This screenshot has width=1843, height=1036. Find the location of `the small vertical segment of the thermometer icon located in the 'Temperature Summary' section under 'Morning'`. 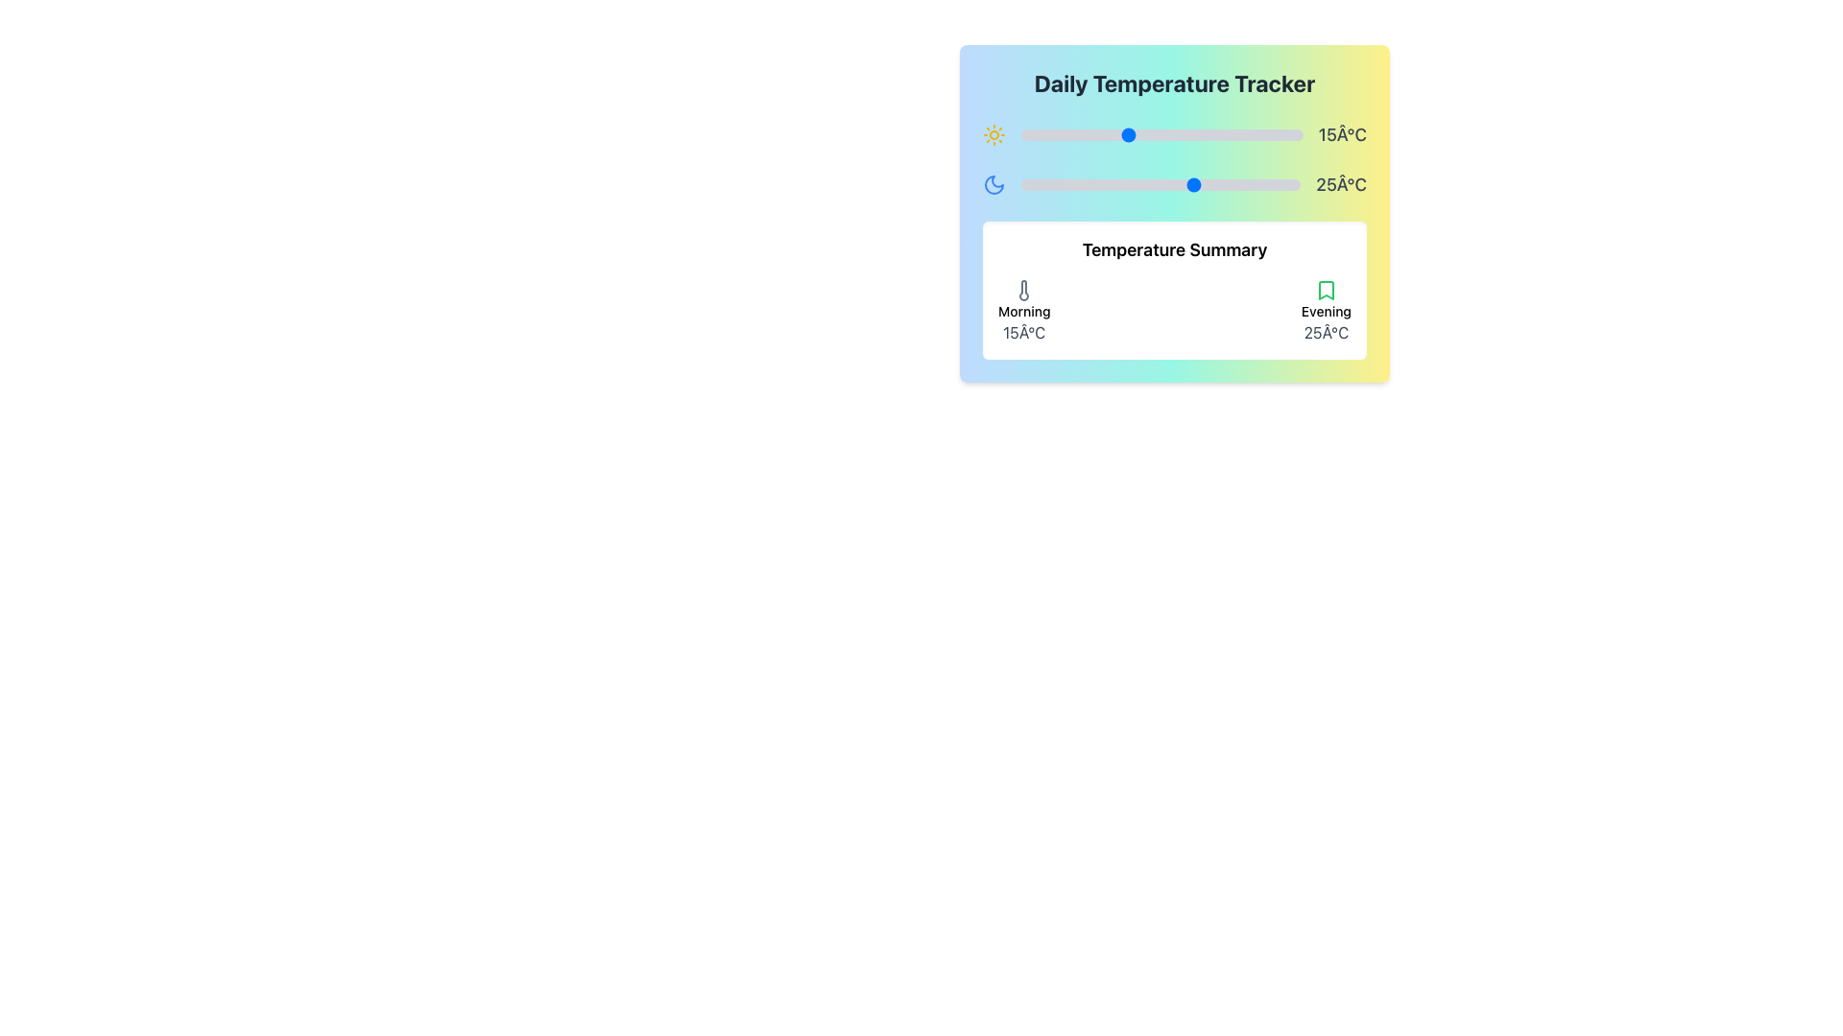

the small vertical segment of the thermometer icon located in the 'Temperature Summary' section under 'Morning' is located at coordinates (1023, 291).